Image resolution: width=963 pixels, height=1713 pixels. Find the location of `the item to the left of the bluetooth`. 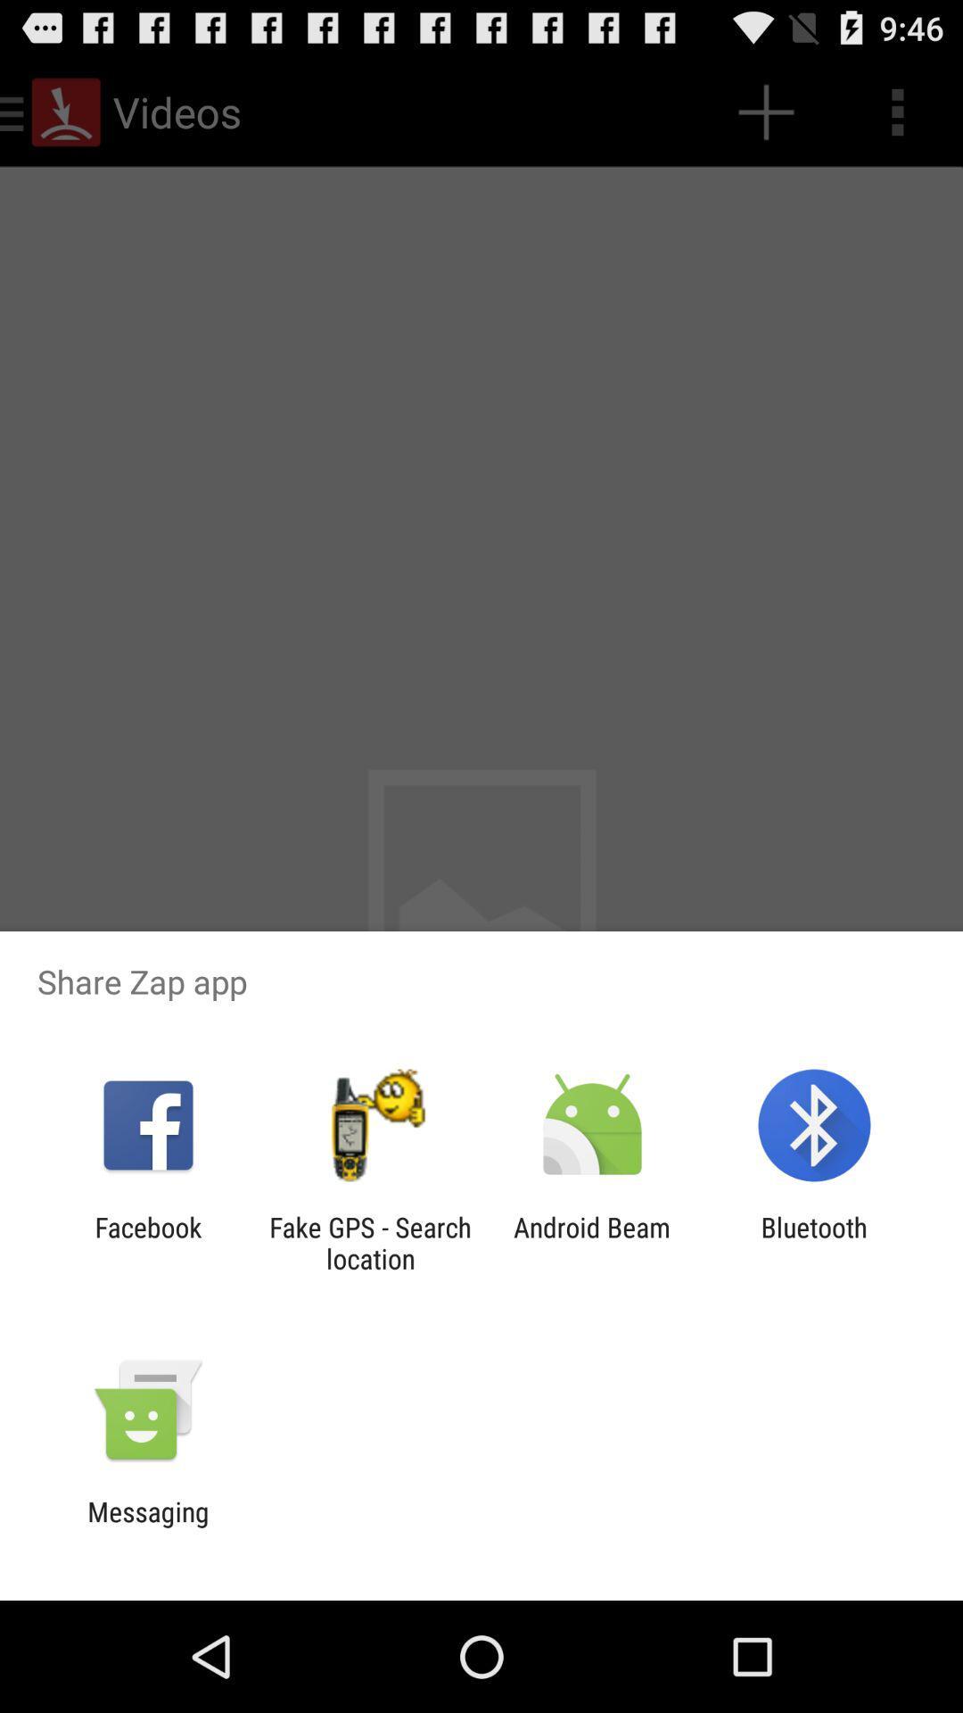

the item to the left of the bluetooth is located at coordinates (592, 1242).